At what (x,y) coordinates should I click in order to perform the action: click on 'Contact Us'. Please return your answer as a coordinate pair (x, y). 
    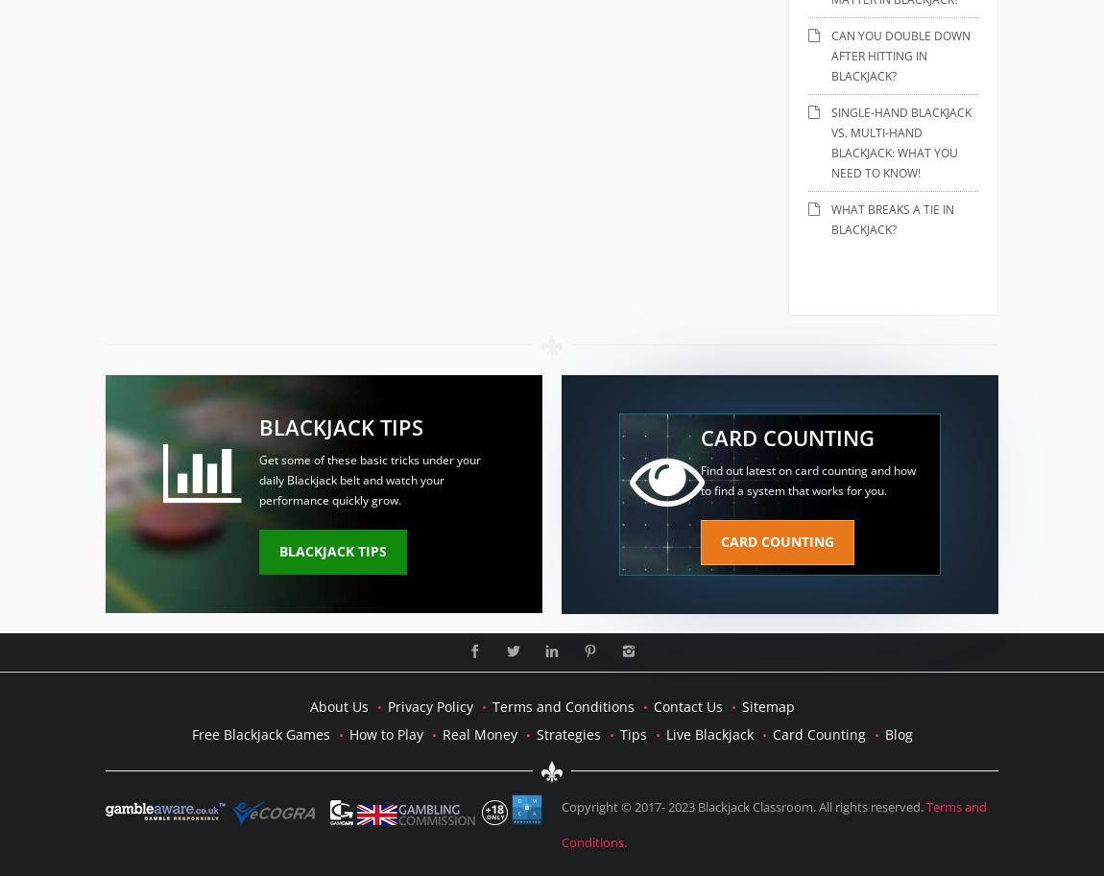
    Looking at the image, I should click on (685, 704).